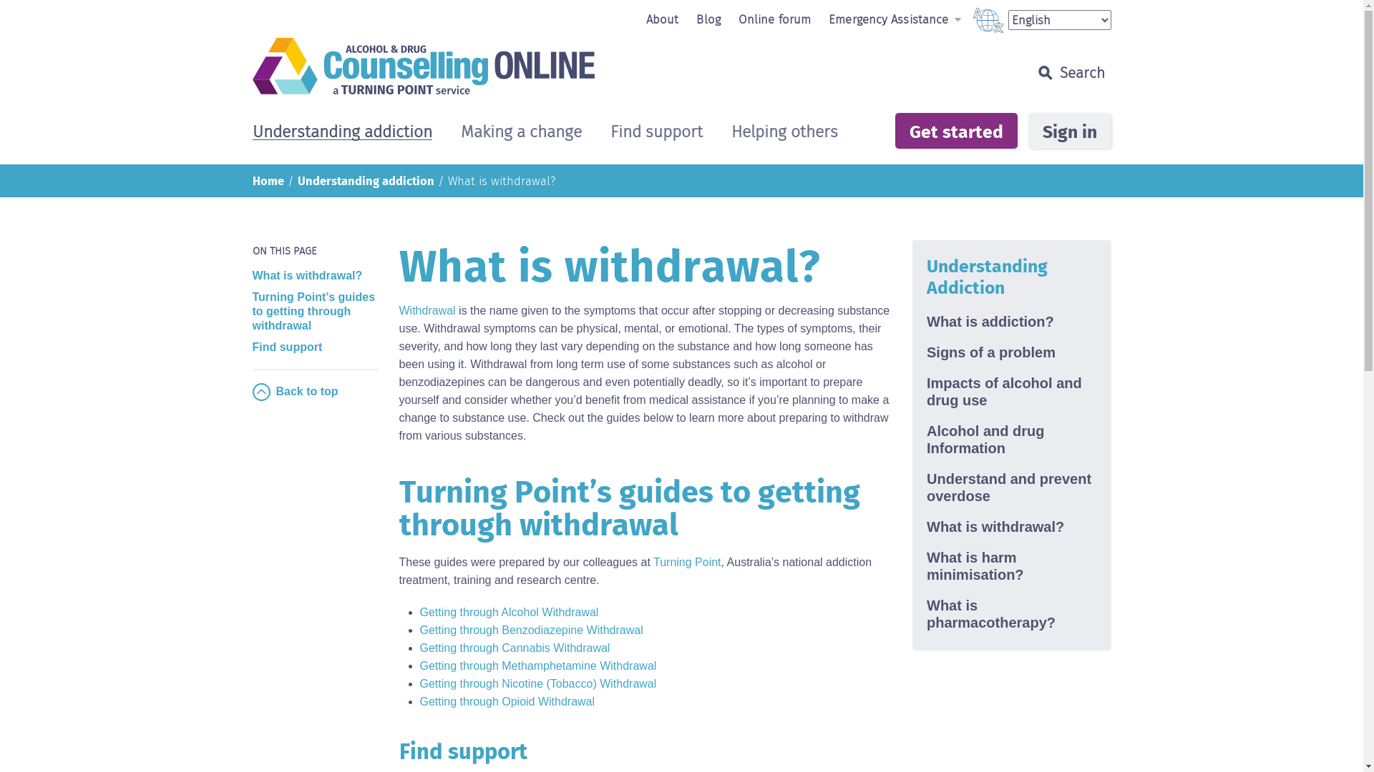 The height and width of the screenshot is (772, 1374). I want to click on 'Understanding addiction', so click(297, 179).